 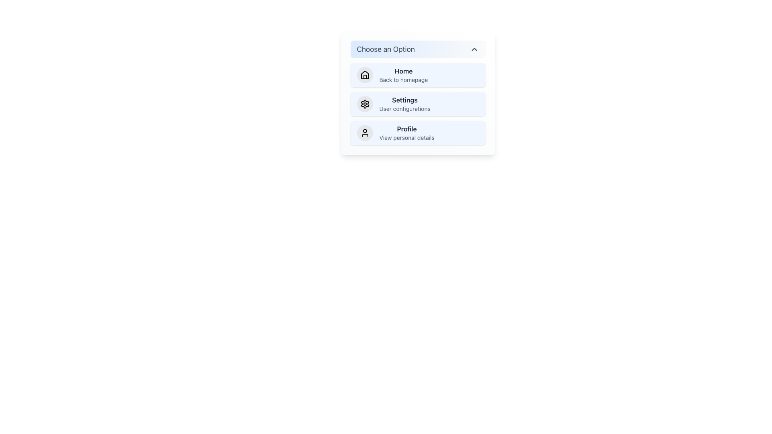 I want to click on the Text Label that indicates the first menu option for redirecting users to the homepage, positioned above 'Back to homepage' and to the right of the house icon, so click(x=403, y=71).